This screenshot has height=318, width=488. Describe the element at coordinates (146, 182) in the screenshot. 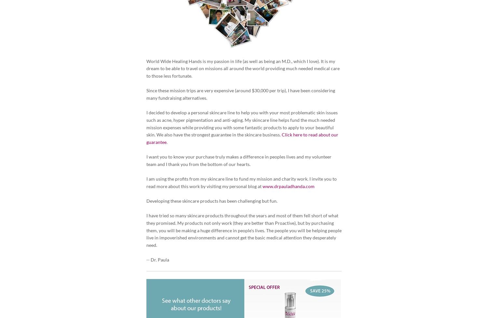

I see `'I am using the profits from my skincare line to fund my mission and charity work. I invite you to read more about this work by visiting my personal blog at'` at that location.